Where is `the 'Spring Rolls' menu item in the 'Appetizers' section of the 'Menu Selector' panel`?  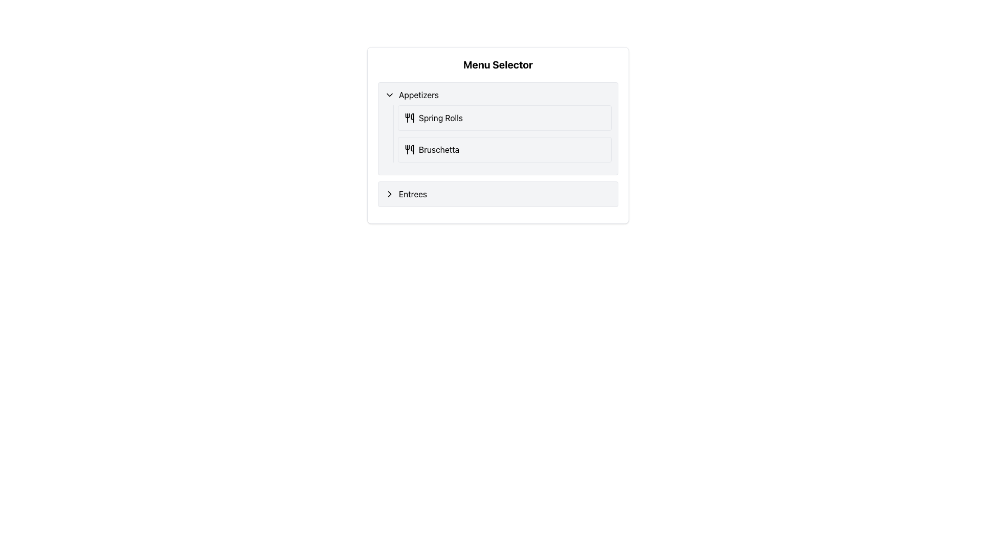 the 'Spring Rolls' menu item in the 'Appetizers' section of the 'Menu Selector' panel is located at coordinates (505, 133).